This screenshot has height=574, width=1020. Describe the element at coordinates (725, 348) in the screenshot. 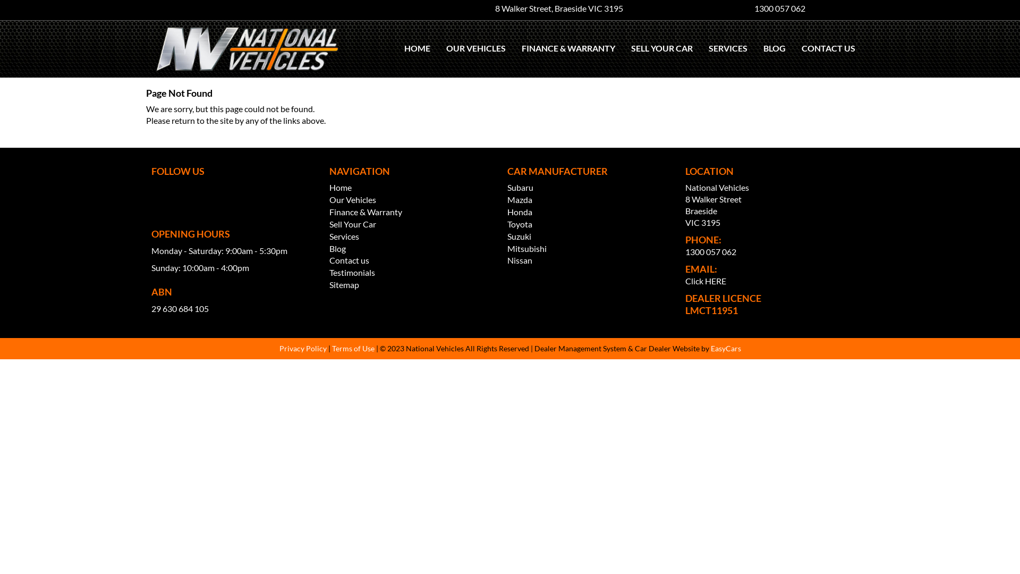

I see `'EasyCars'` at that location.